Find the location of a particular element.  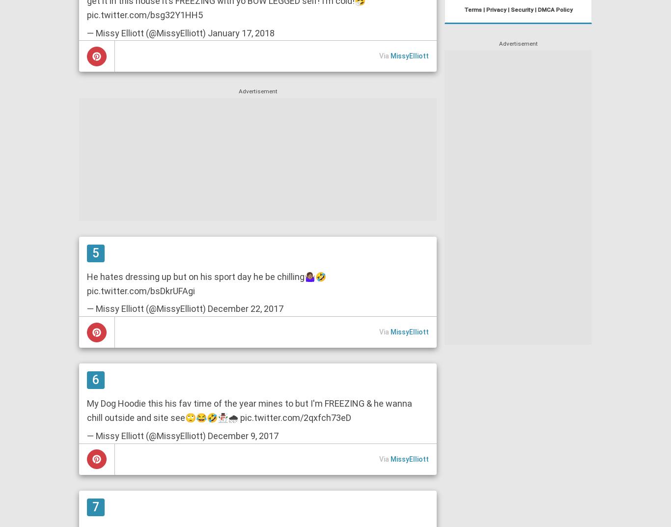

'5' is located at coordinates (95, 252).